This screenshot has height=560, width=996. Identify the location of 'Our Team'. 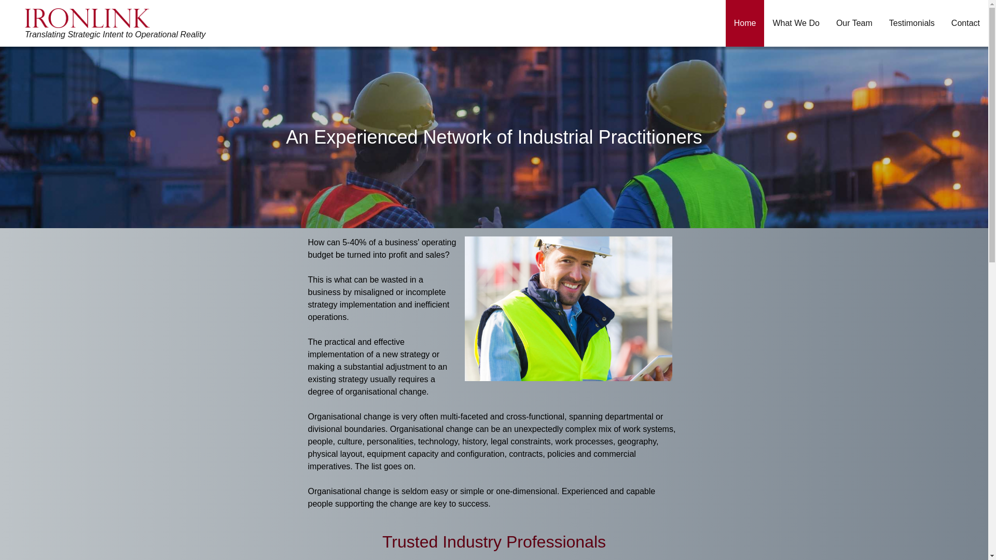
(854, 23).